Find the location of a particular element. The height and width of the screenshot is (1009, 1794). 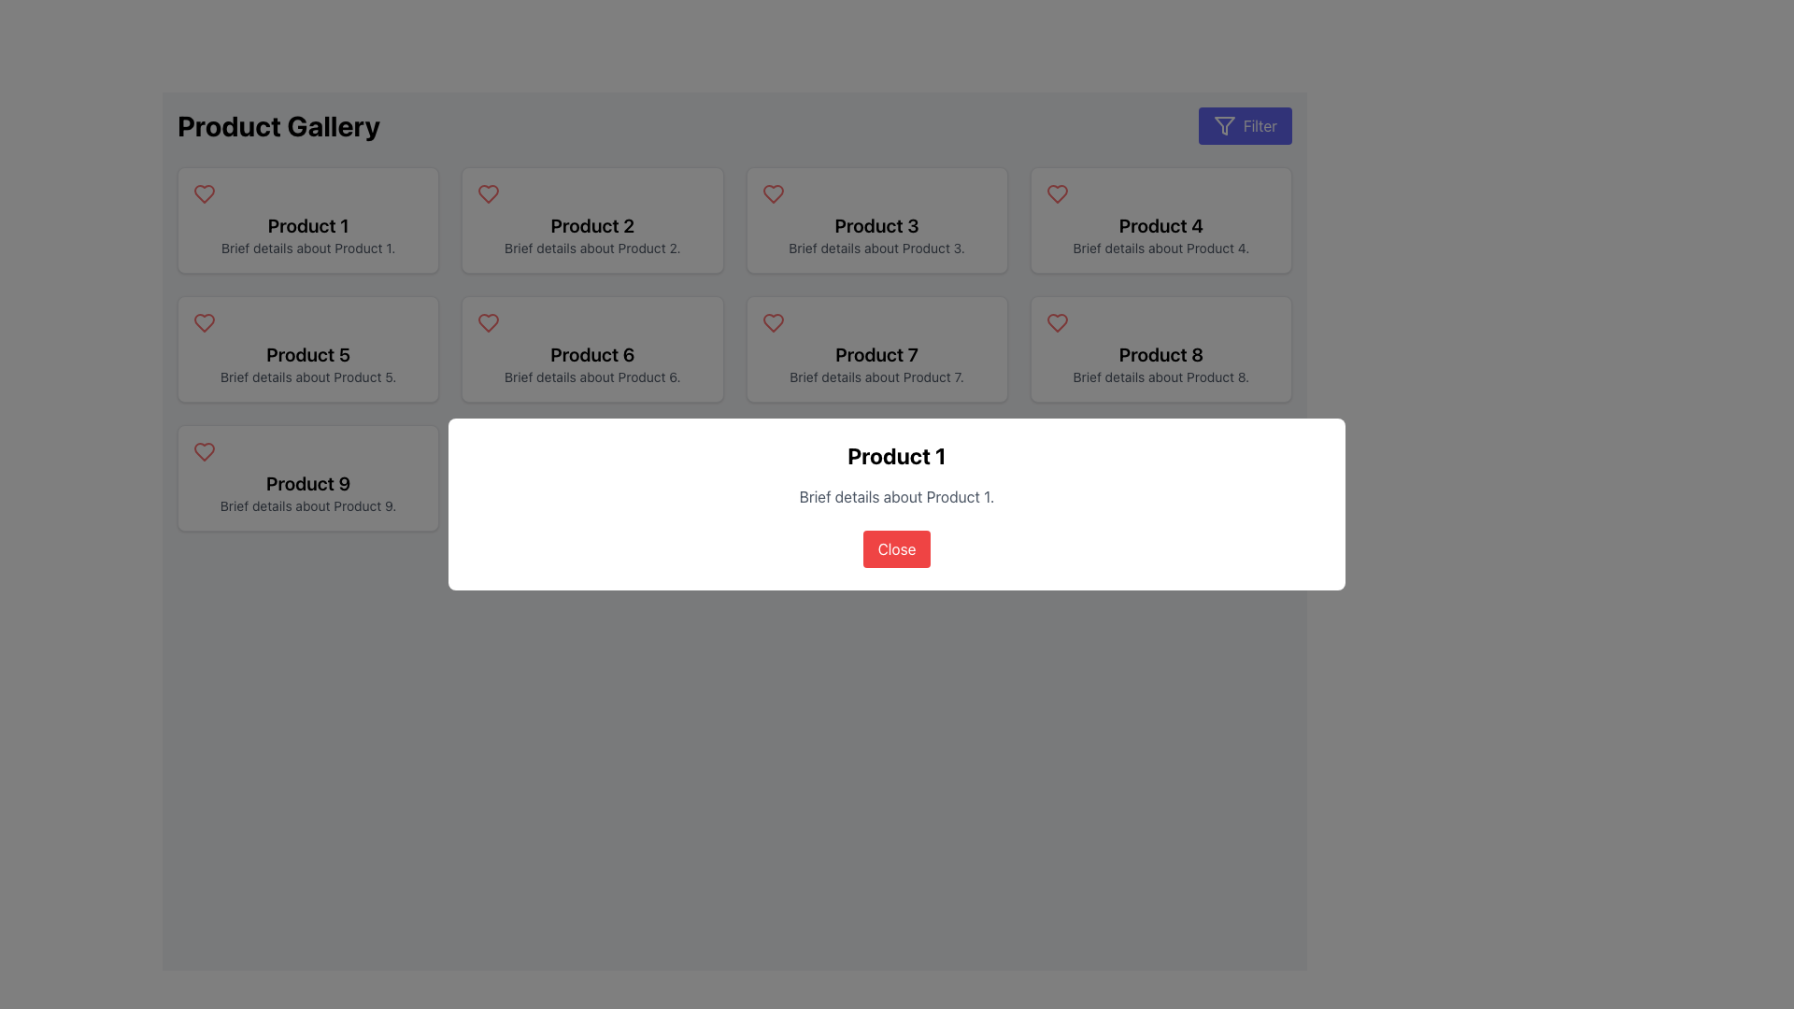

the Card widget displaying product information located in the third row and third column is located at coordinates (876, 349).